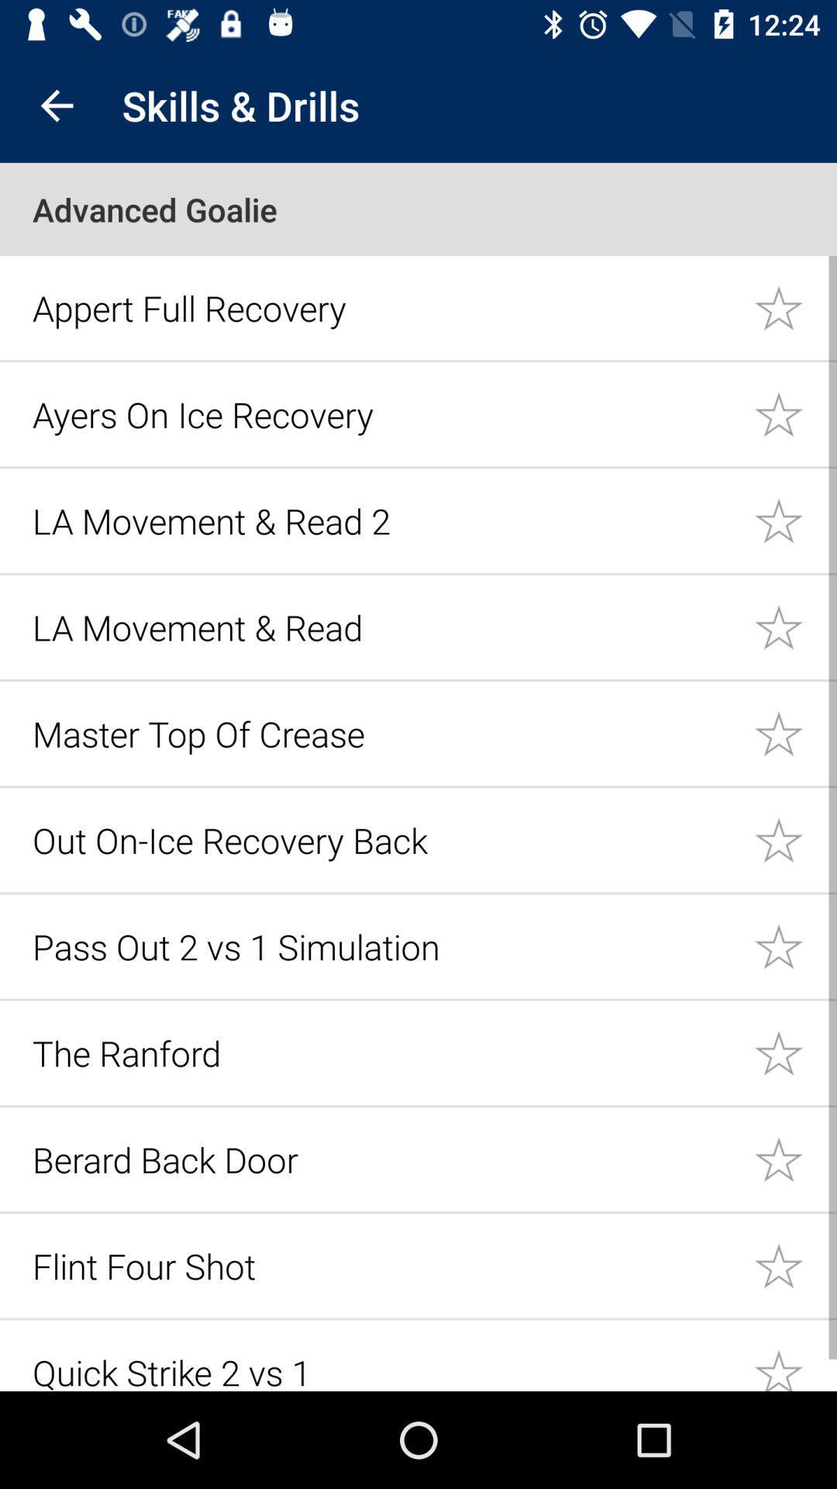  I want to click on highlight star, so click(795, 732).